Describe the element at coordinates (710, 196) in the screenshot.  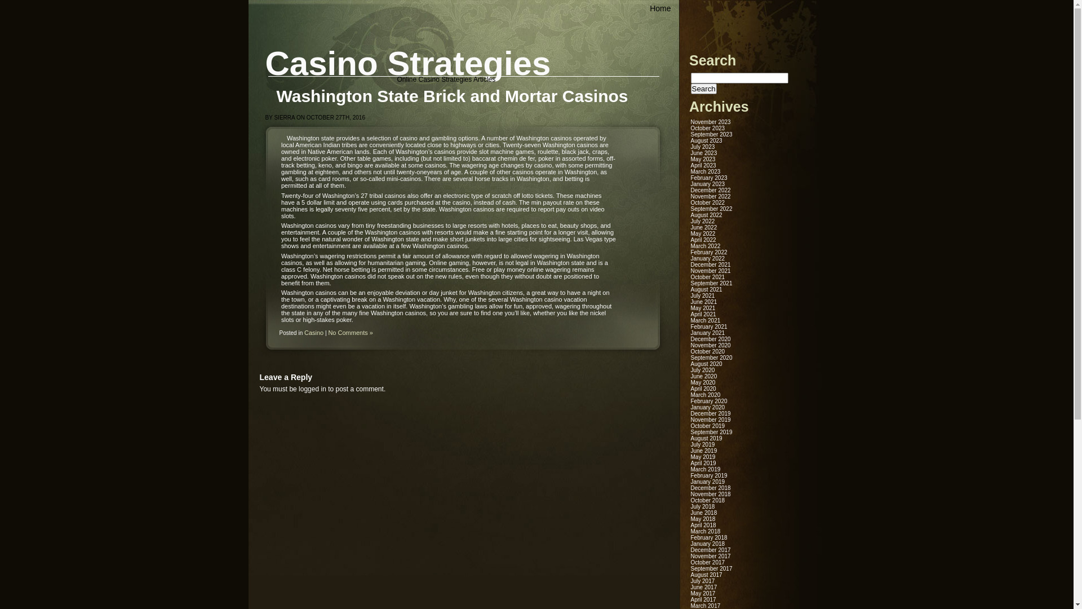
I see `'November 2022'` at that location.